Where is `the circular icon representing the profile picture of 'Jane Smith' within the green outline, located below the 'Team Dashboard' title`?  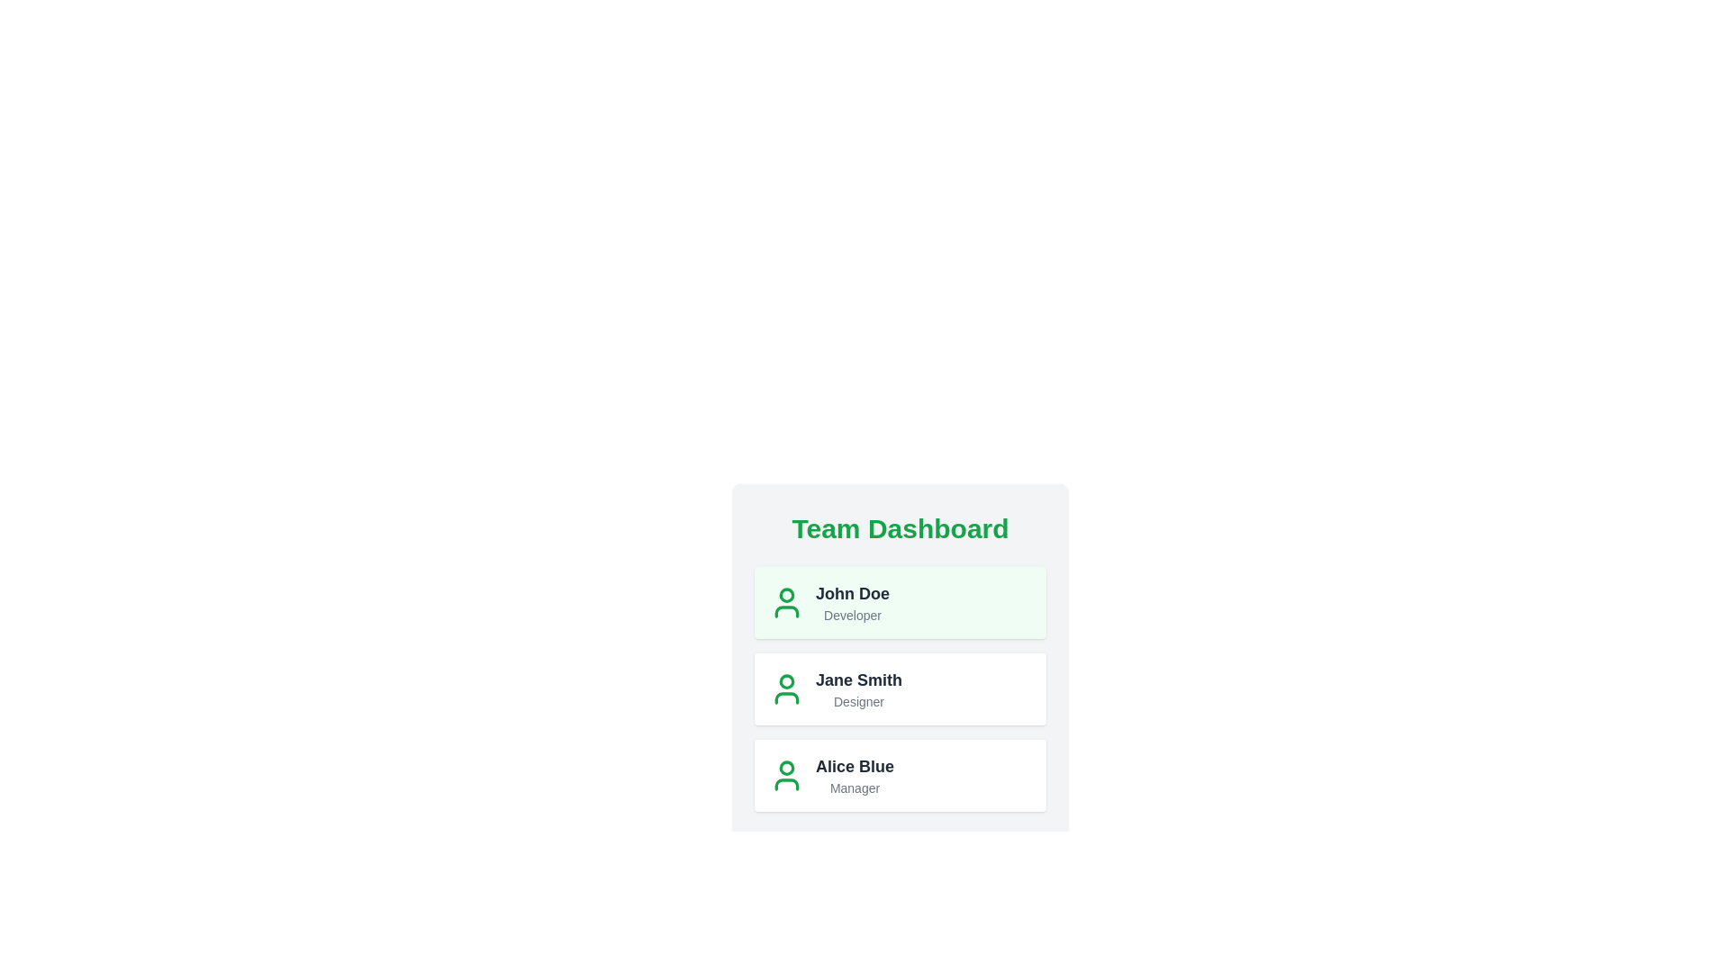
the circular icon representing the profile picture of 'Jane Smith' within the green outline, located below the 'Team Dashboard' title is located at coordinates (786, 680).